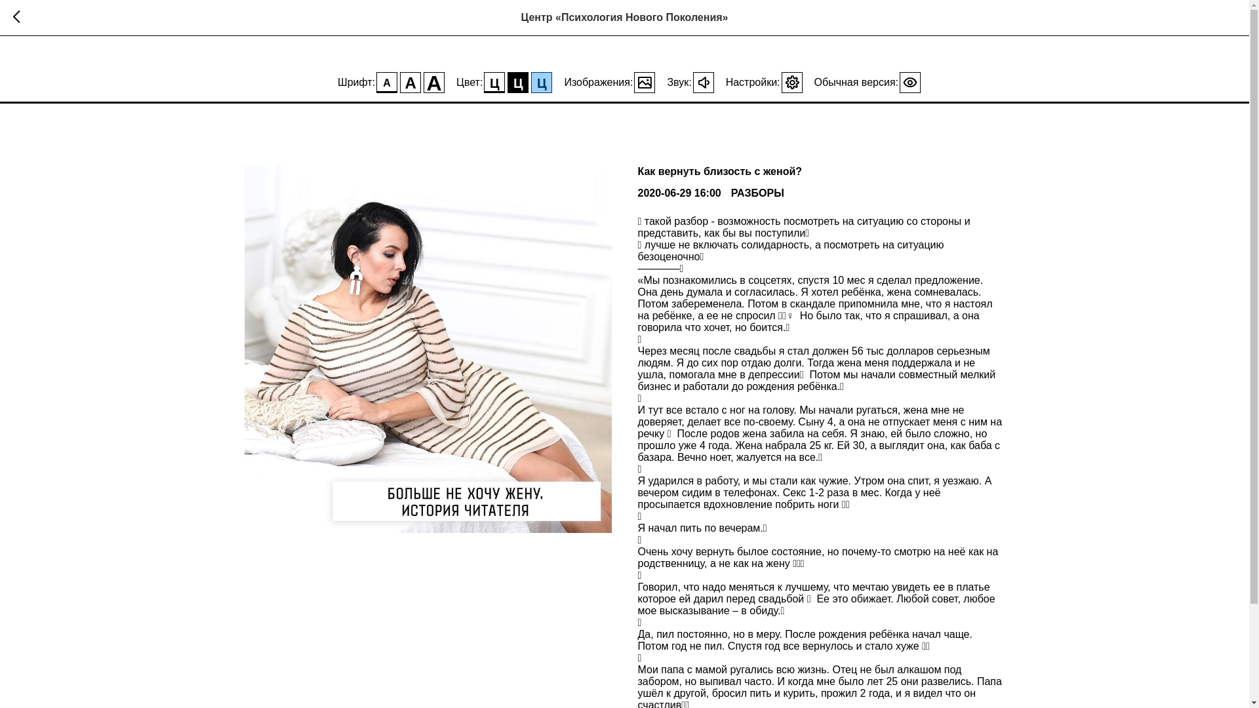 The height and width of the screenshot is (708, 1259). I want to click on 'A', so click(434, 83).